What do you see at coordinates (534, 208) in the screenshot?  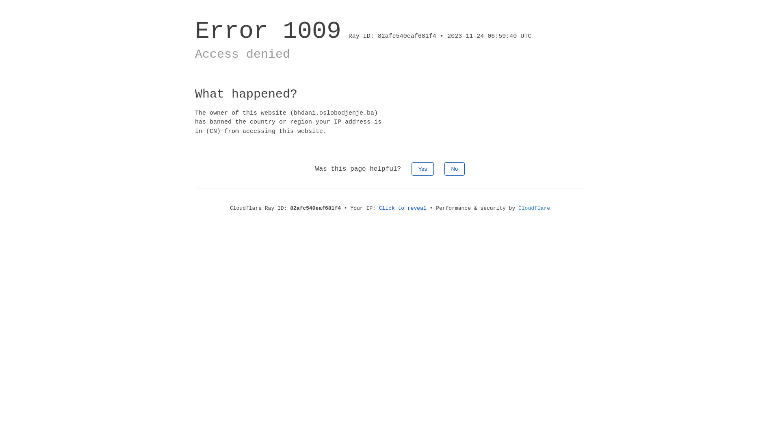 I see `'Cloudflare'` at bounding box center [534, 208].